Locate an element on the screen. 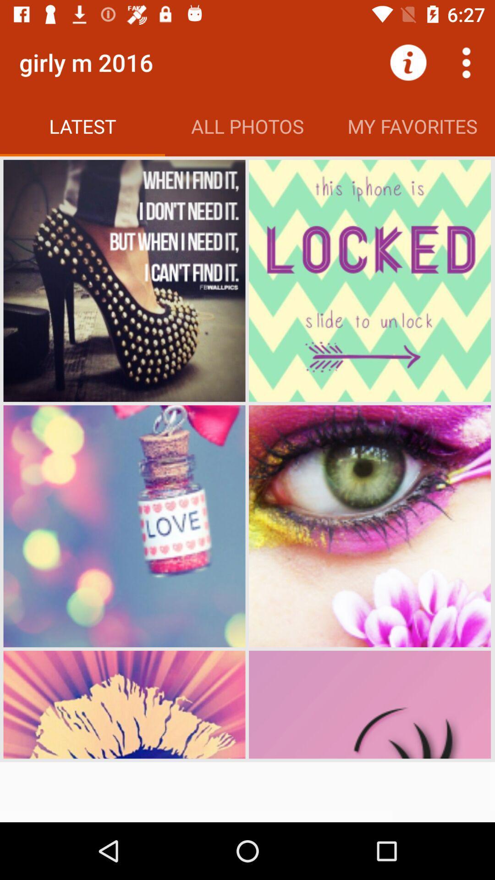  the more option is located at coordinates (466, 62).